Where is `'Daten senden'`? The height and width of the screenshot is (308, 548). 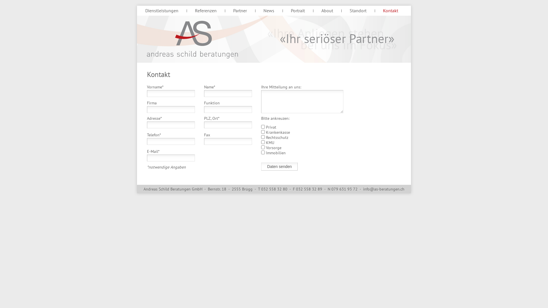 'Daten senden' is located at coordinates (279, 166).